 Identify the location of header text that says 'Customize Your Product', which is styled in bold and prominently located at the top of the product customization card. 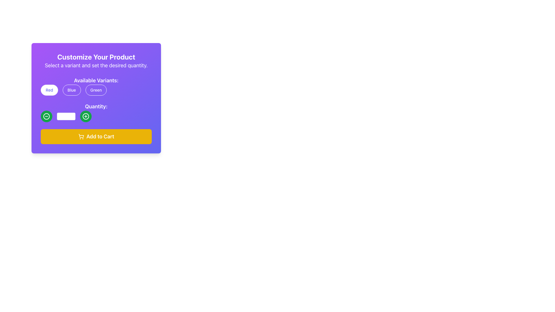
(96, 57).